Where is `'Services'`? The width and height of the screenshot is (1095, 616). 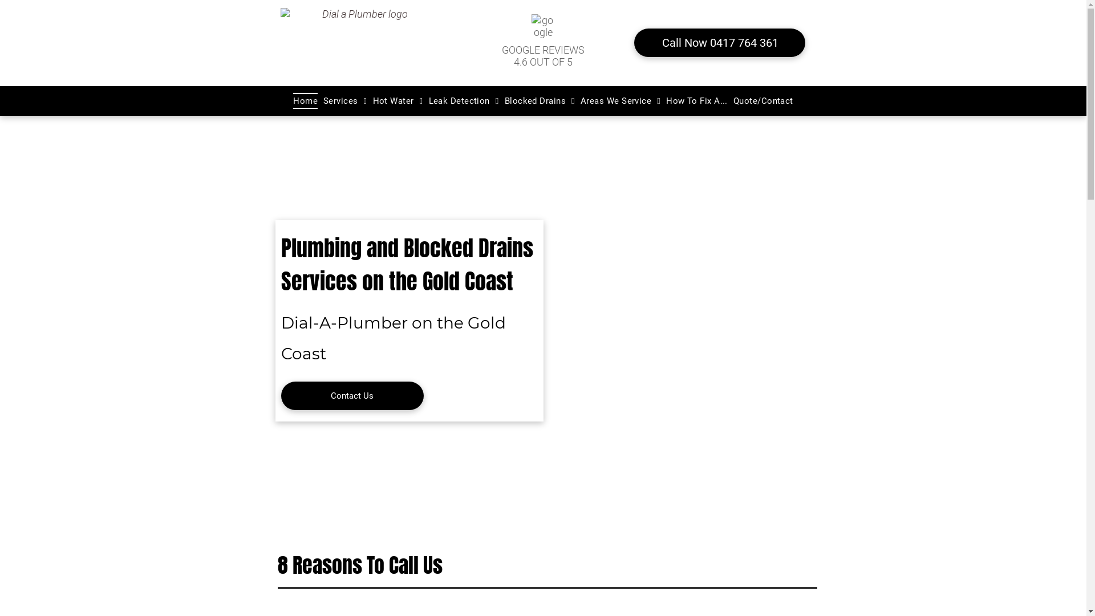 'Services' is located at coordinates (344, 100).